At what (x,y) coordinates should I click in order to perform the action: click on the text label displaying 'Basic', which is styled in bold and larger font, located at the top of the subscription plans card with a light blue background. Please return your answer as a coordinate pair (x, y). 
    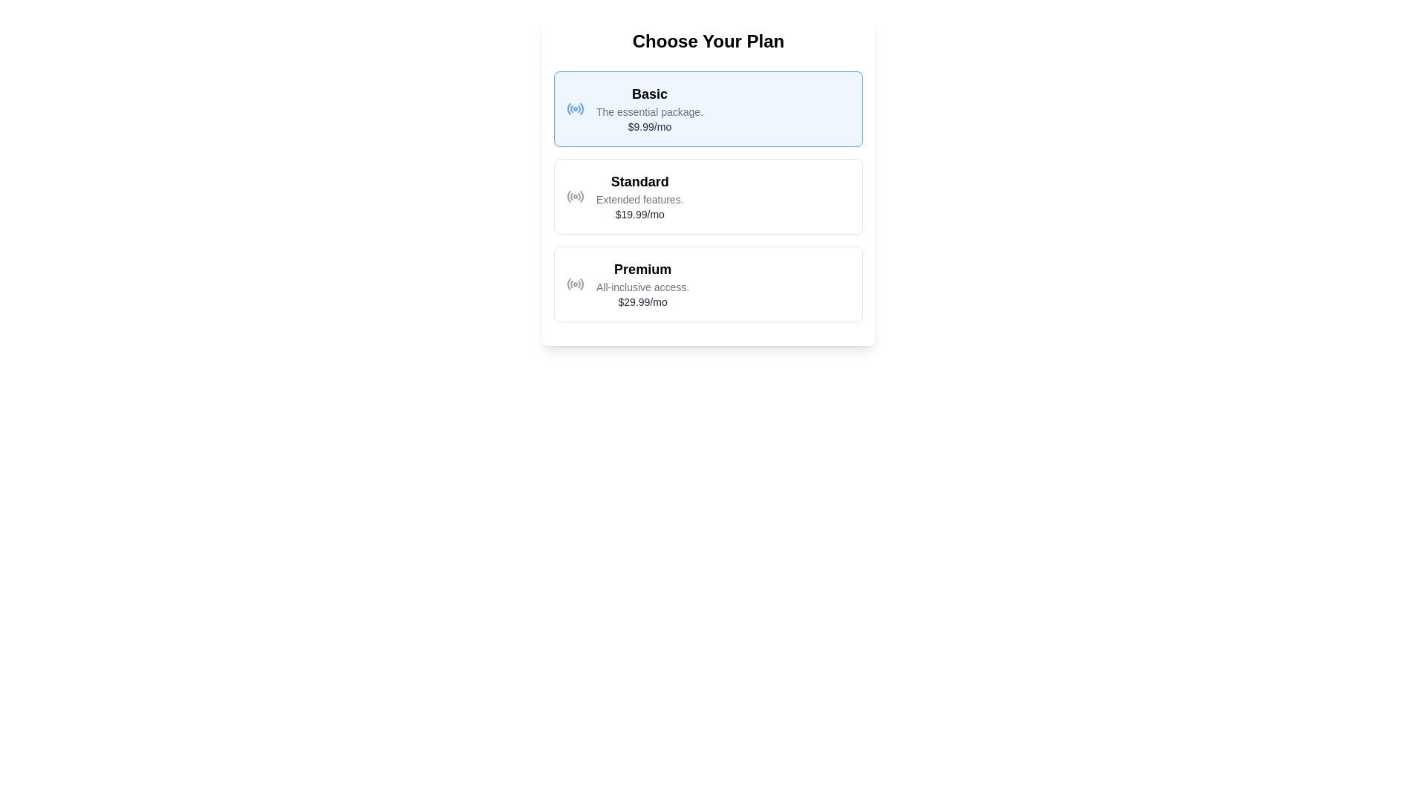
    Looking at the image, I should click on (649, 94).